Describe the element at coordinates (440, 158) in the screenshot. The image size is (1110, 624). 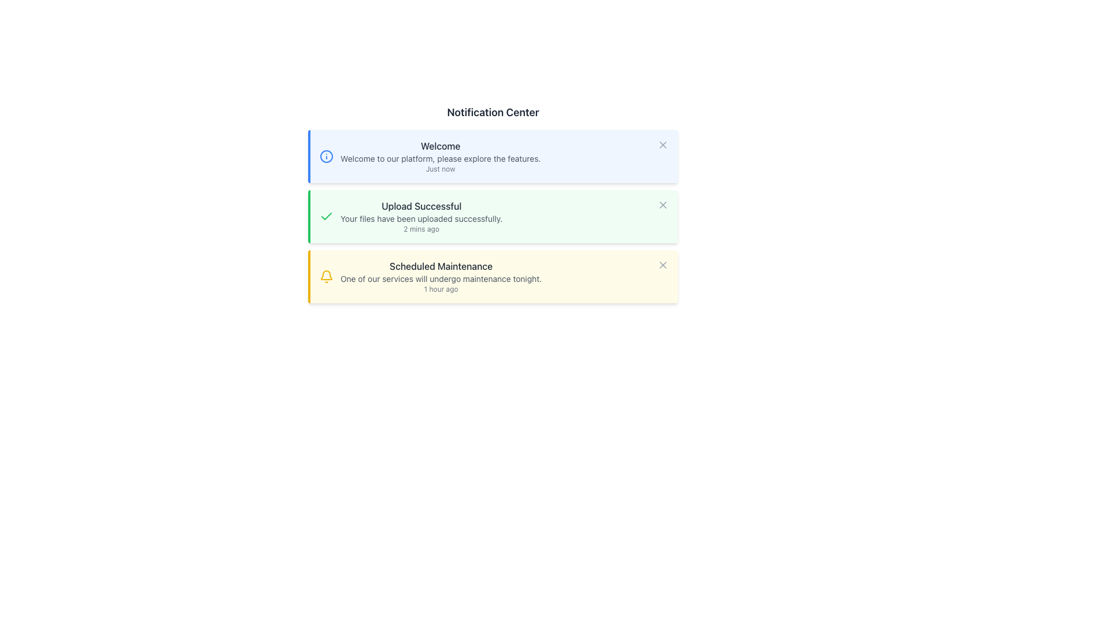
I see `line of text that says 'Welcome to our platform, please explore the features.' which is styled in a small gray font and positioned below the title 'Welcome'` at that location.